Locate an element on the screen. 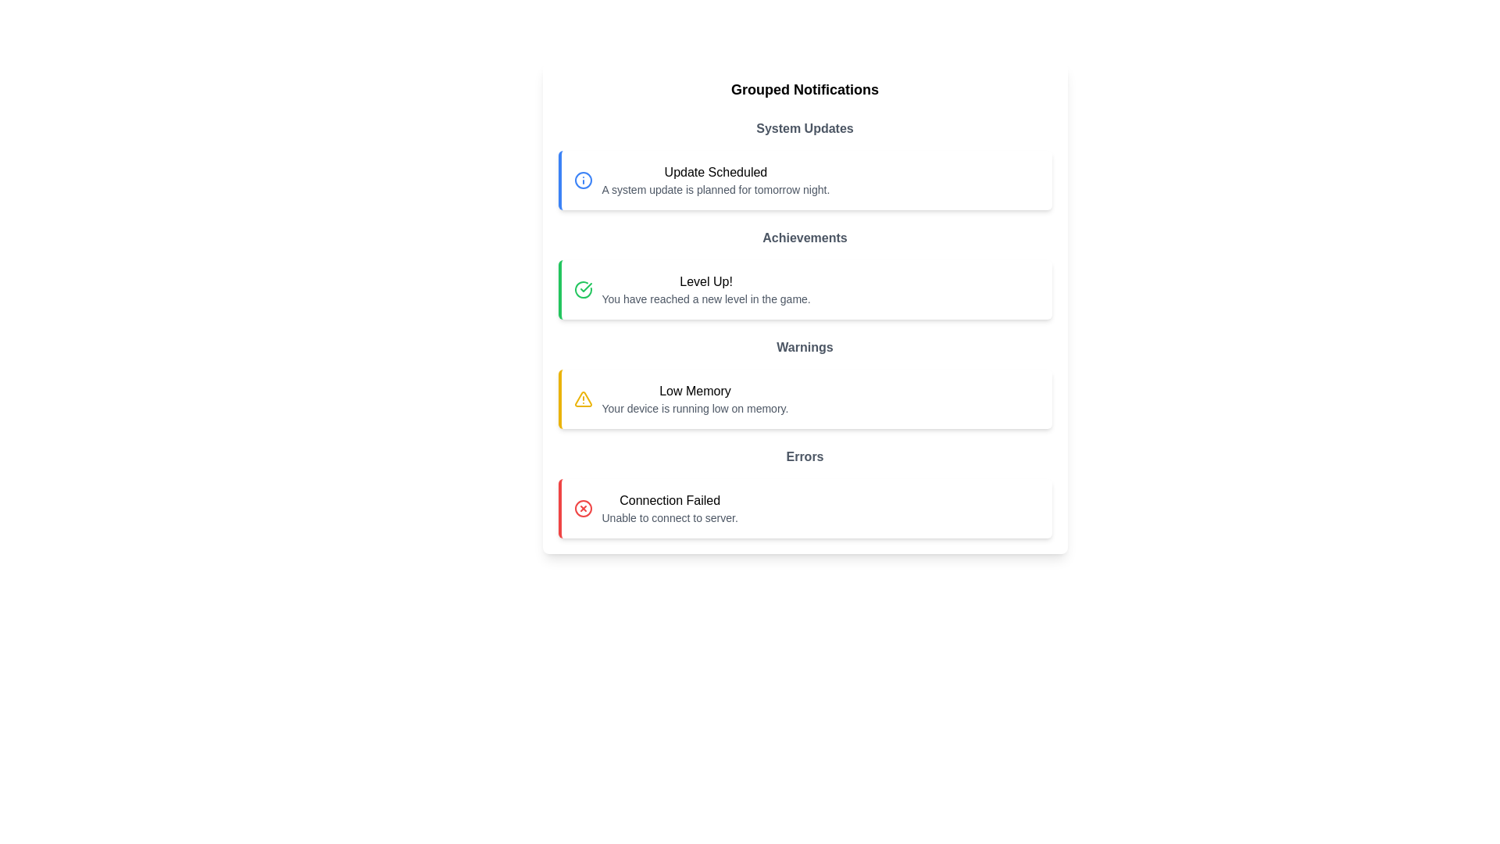 The width and height of the screenshot is (1500, 844). the static text element that informs users about the connection failure issue, located below the heading 'Connection Failed' within the 'Errors' notification is located at coordinates (670, 518).